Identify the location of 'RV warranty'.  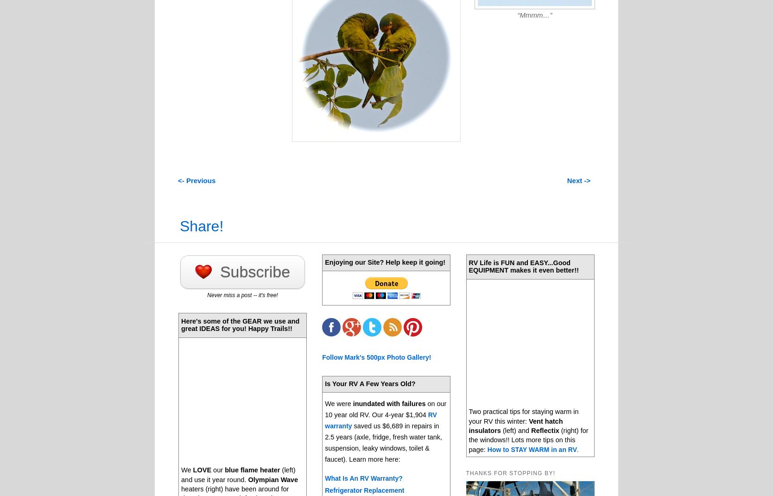
(380, 420).